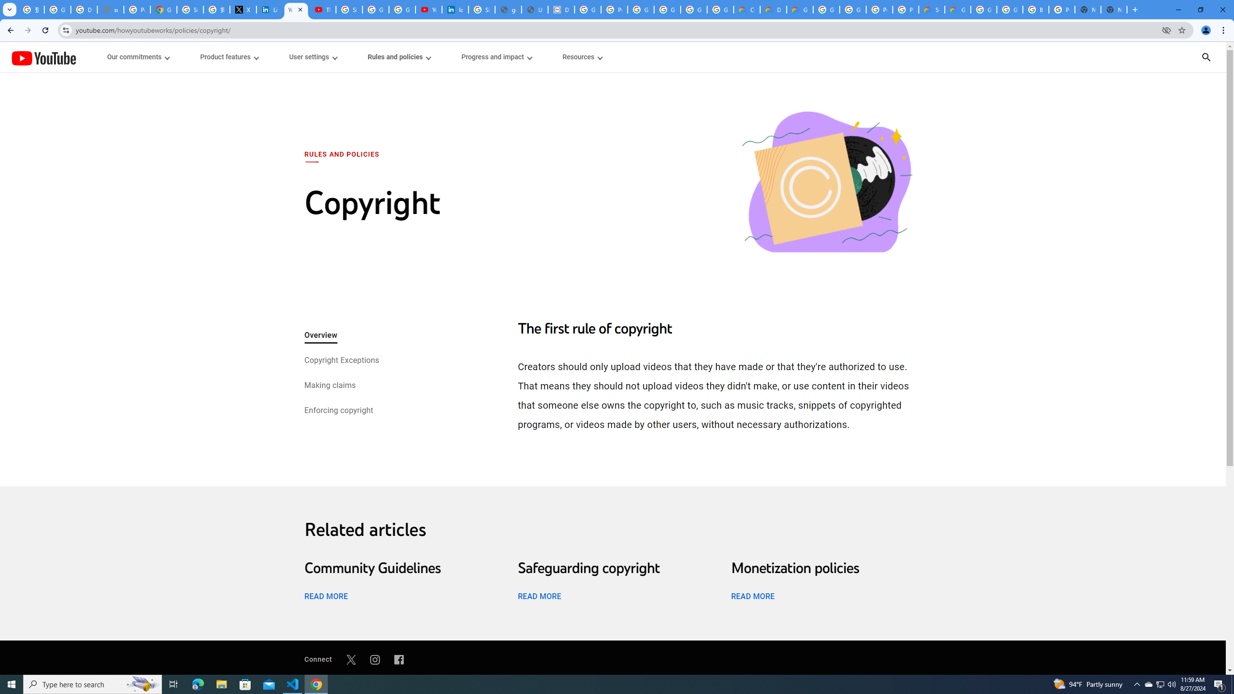 This screenshot has width=1234, height=694. What do you see at coordinates (694, 9) in the screenshot?
I see `'Google Workspace - Specific Terms'` at bounding box center [694, 9].